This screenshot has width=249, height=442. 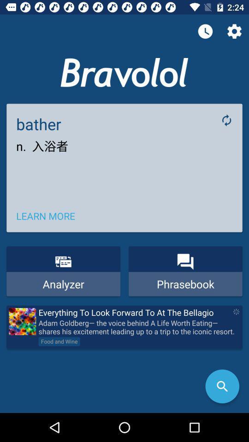 What do you see at coordinates (222, 386) in the screenshot?
I see `search` at bounding box center [222, 386].